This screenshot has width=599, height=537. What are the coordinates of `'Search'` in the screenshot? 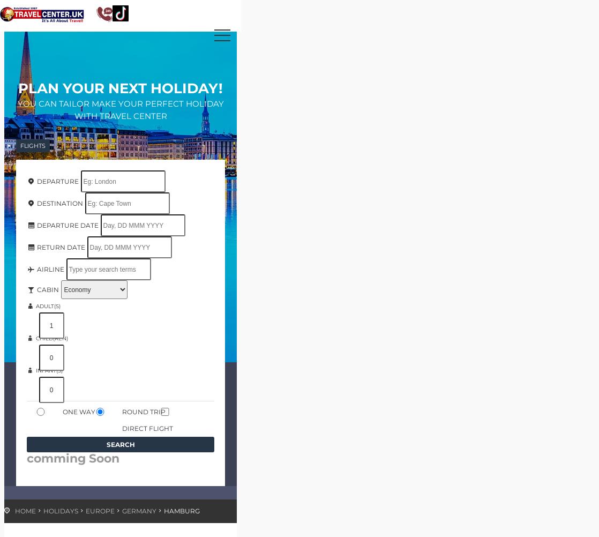 It's located at (120, 444).